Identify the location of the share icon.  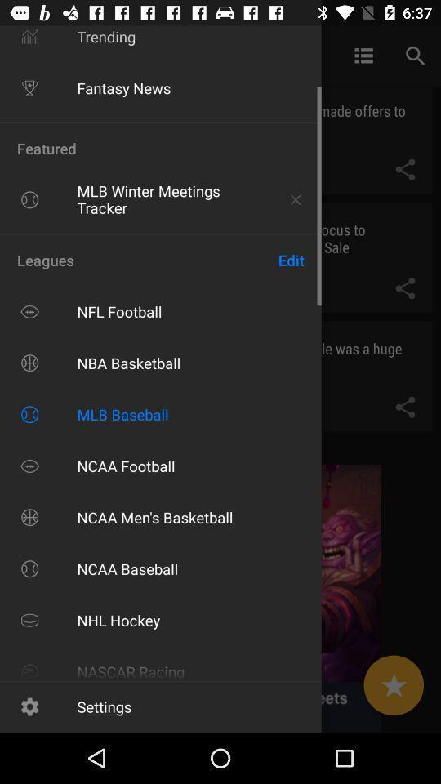
(404, 288).